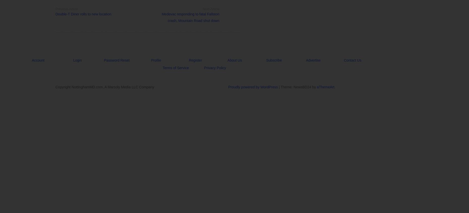 The height and width of the screenshot is (213, 469). What do you see at coordinates (313, 60) in the screenshot?
I see `'Advertise'` at bounding box center [313, 60].